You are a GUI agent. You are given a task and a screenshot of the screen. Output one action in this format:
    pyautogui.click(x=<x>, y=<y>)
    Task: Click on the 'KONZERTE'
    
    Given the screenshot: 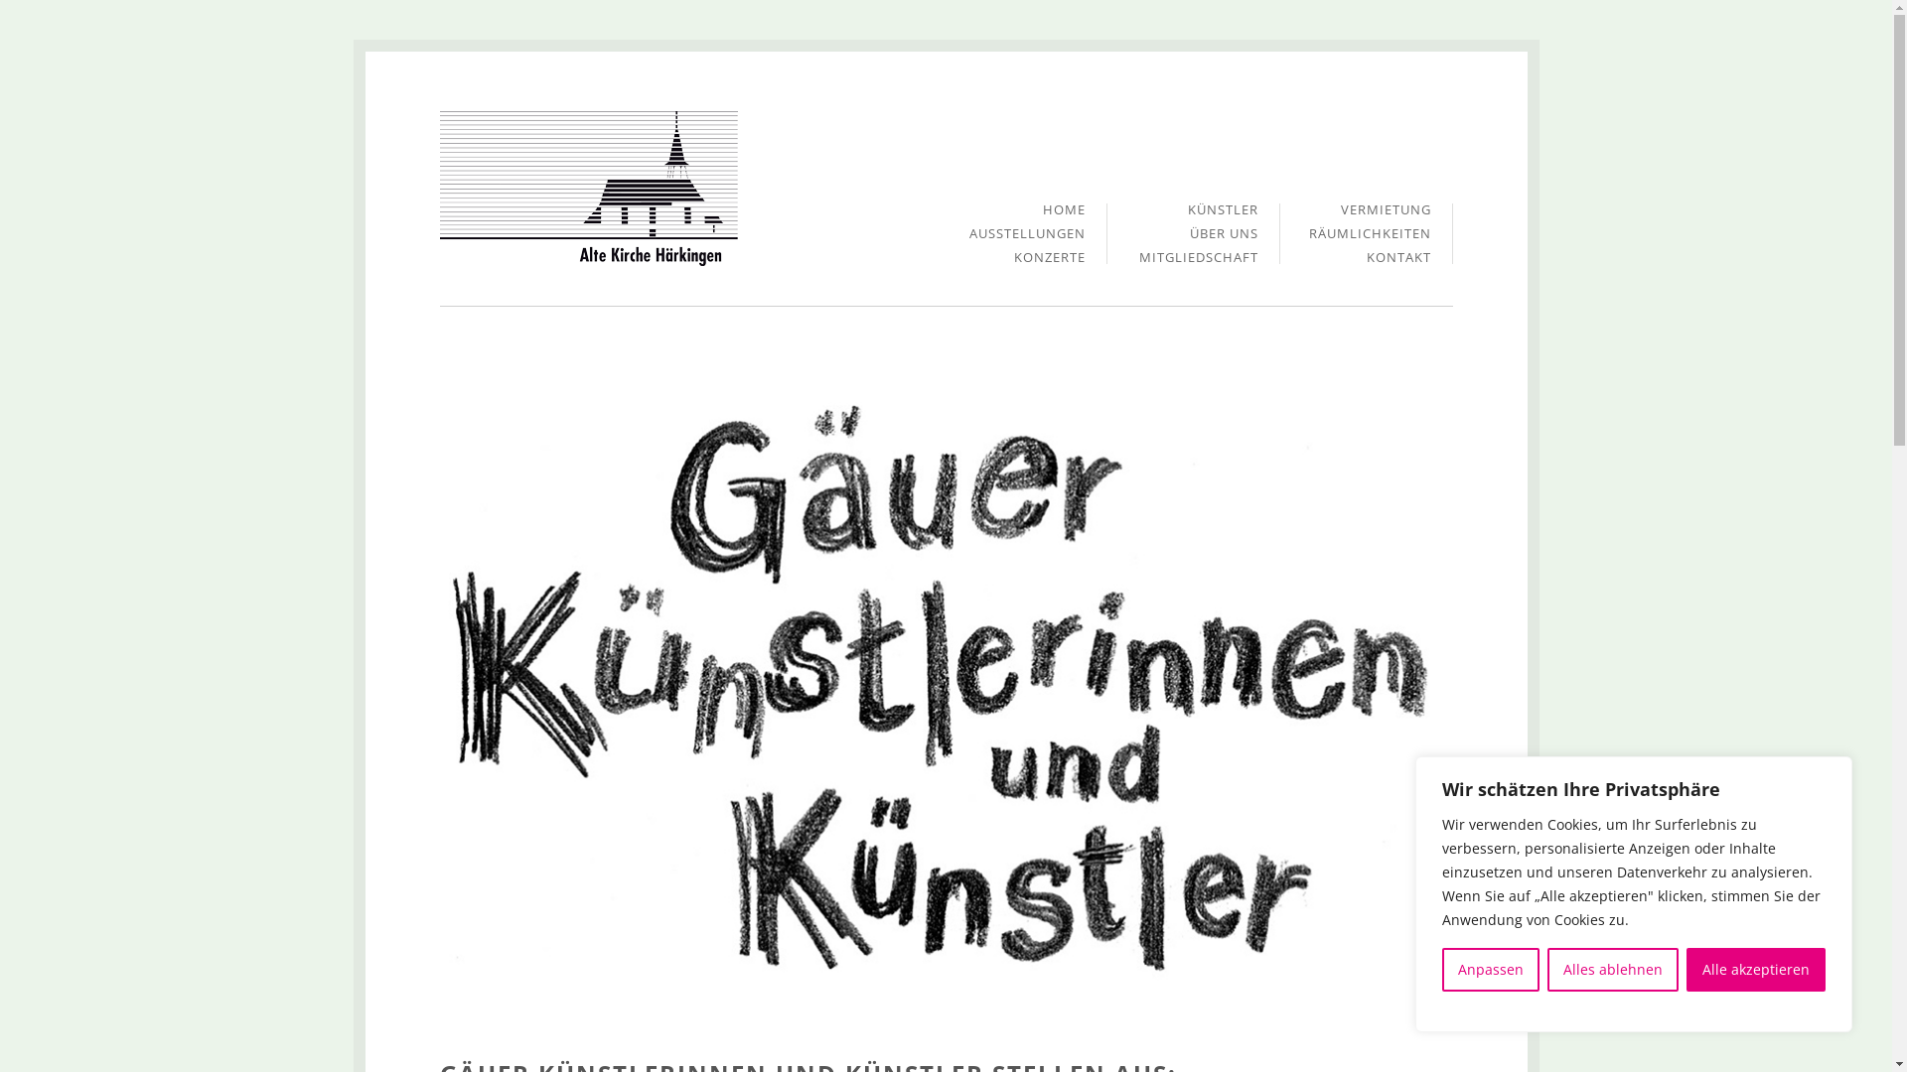 What is the action you would take?
    pyautogui.click(x=1012, y=256)
    